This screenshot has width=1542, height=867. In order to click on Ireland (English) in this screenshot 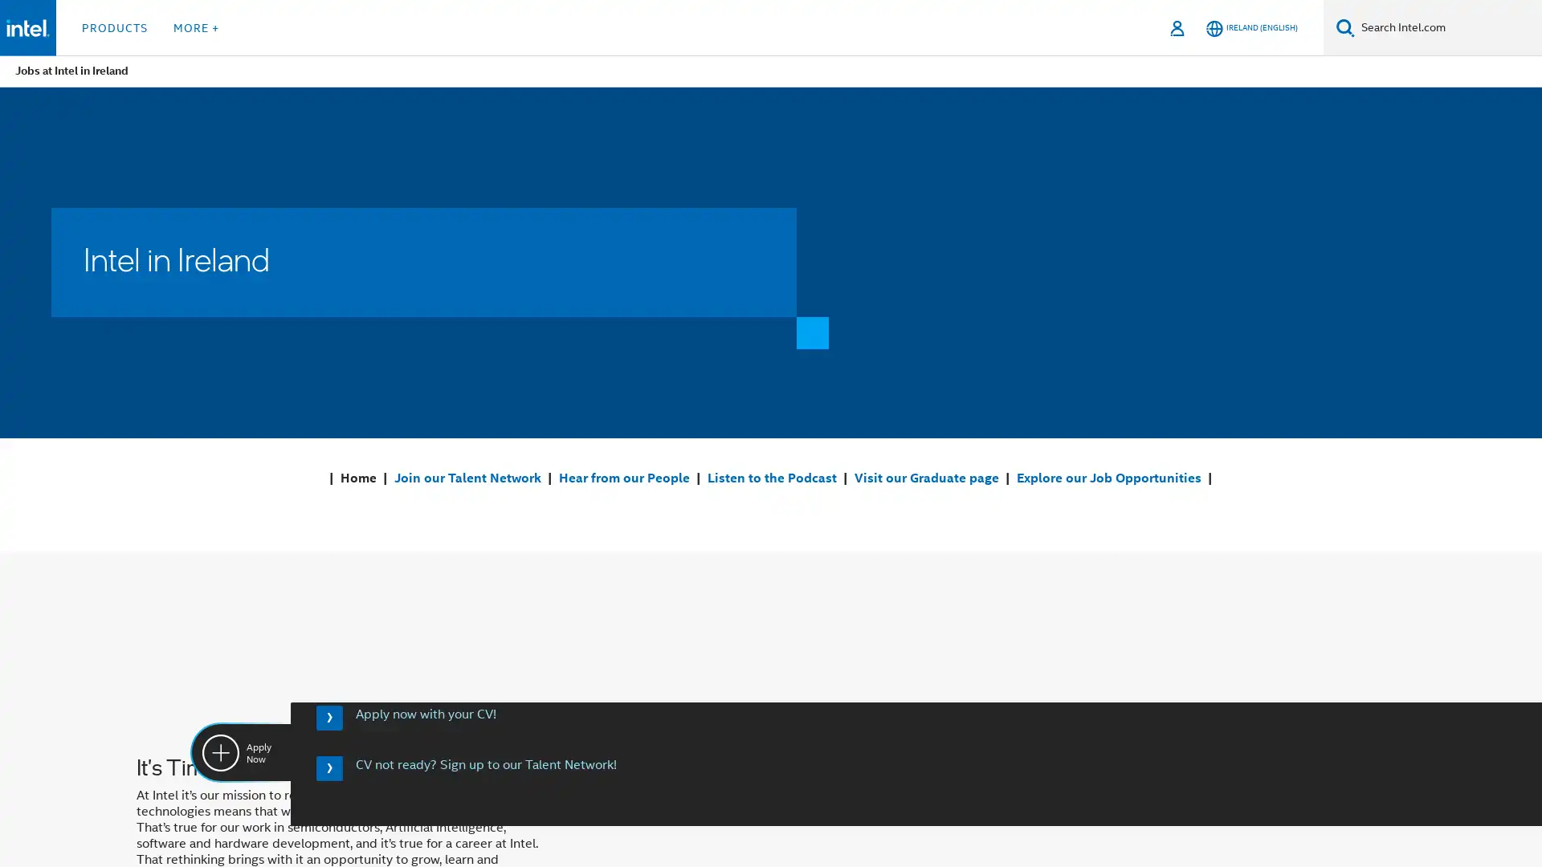, I will do `click(1251, 27)`.